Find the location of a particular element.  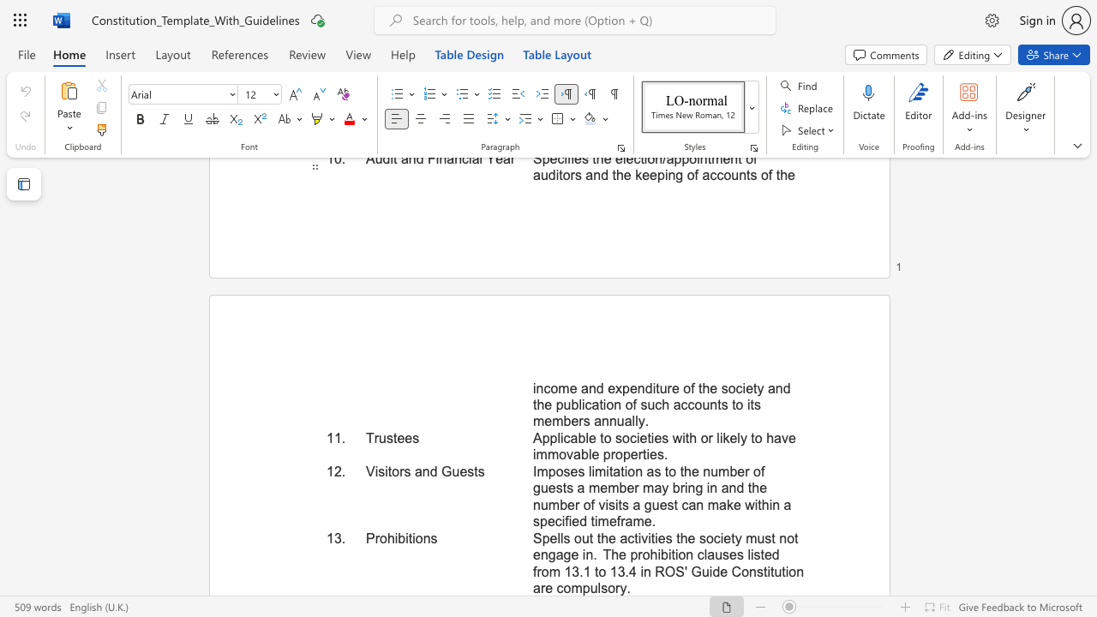

the 7th character "i" in the text is located at coordinates (668, 554).